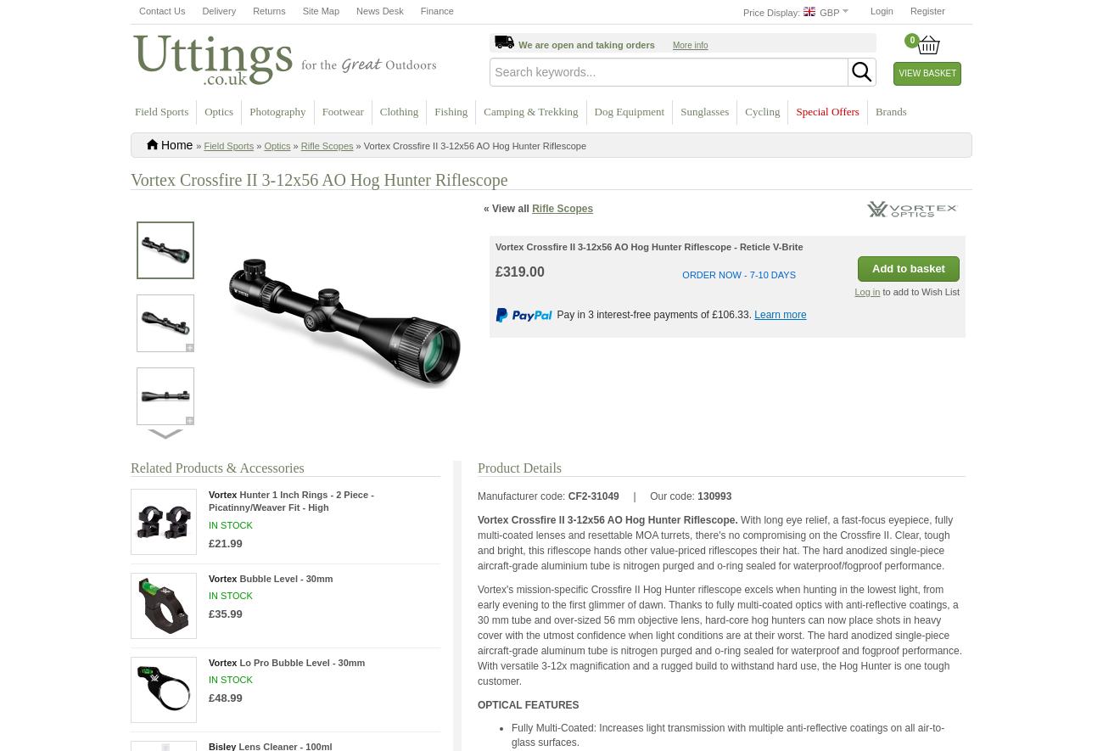 The width and height of the screenshot is (1103, 751). Describe the element at coordinates (715, 541) in the screenshot. I see `'With long eye relief, a fast-focus eyepiece, fully multi-coated lenses and resettable MOA turrets, there's no compromising on the Crossfire II. Clear, tough and bright, this riflescope hands other value-priced riflescopes their hat. The hard anodized single-piece aircraft-grade aluminium tube is nitrogen purged and o-ring sealed for waterproof/fogproof performance.'` at that location.